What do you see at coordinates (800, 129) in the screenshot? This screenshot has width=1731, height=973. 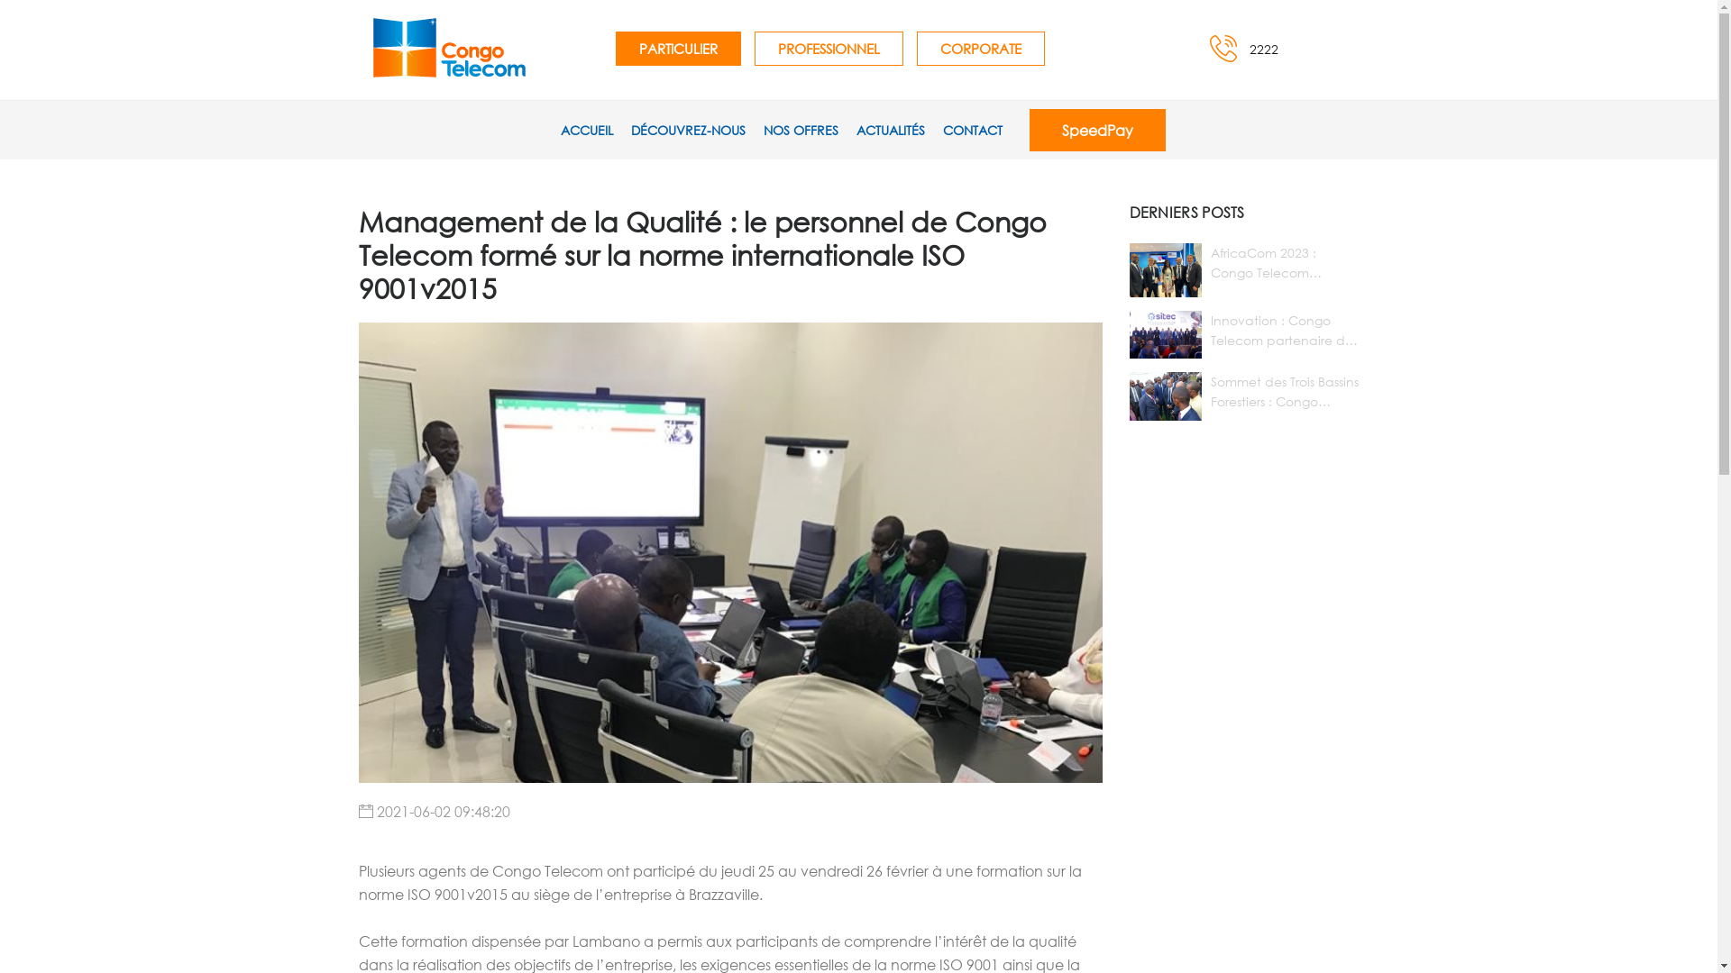 I see `'NOS OFFRES'` at bounding box center [800, 129].